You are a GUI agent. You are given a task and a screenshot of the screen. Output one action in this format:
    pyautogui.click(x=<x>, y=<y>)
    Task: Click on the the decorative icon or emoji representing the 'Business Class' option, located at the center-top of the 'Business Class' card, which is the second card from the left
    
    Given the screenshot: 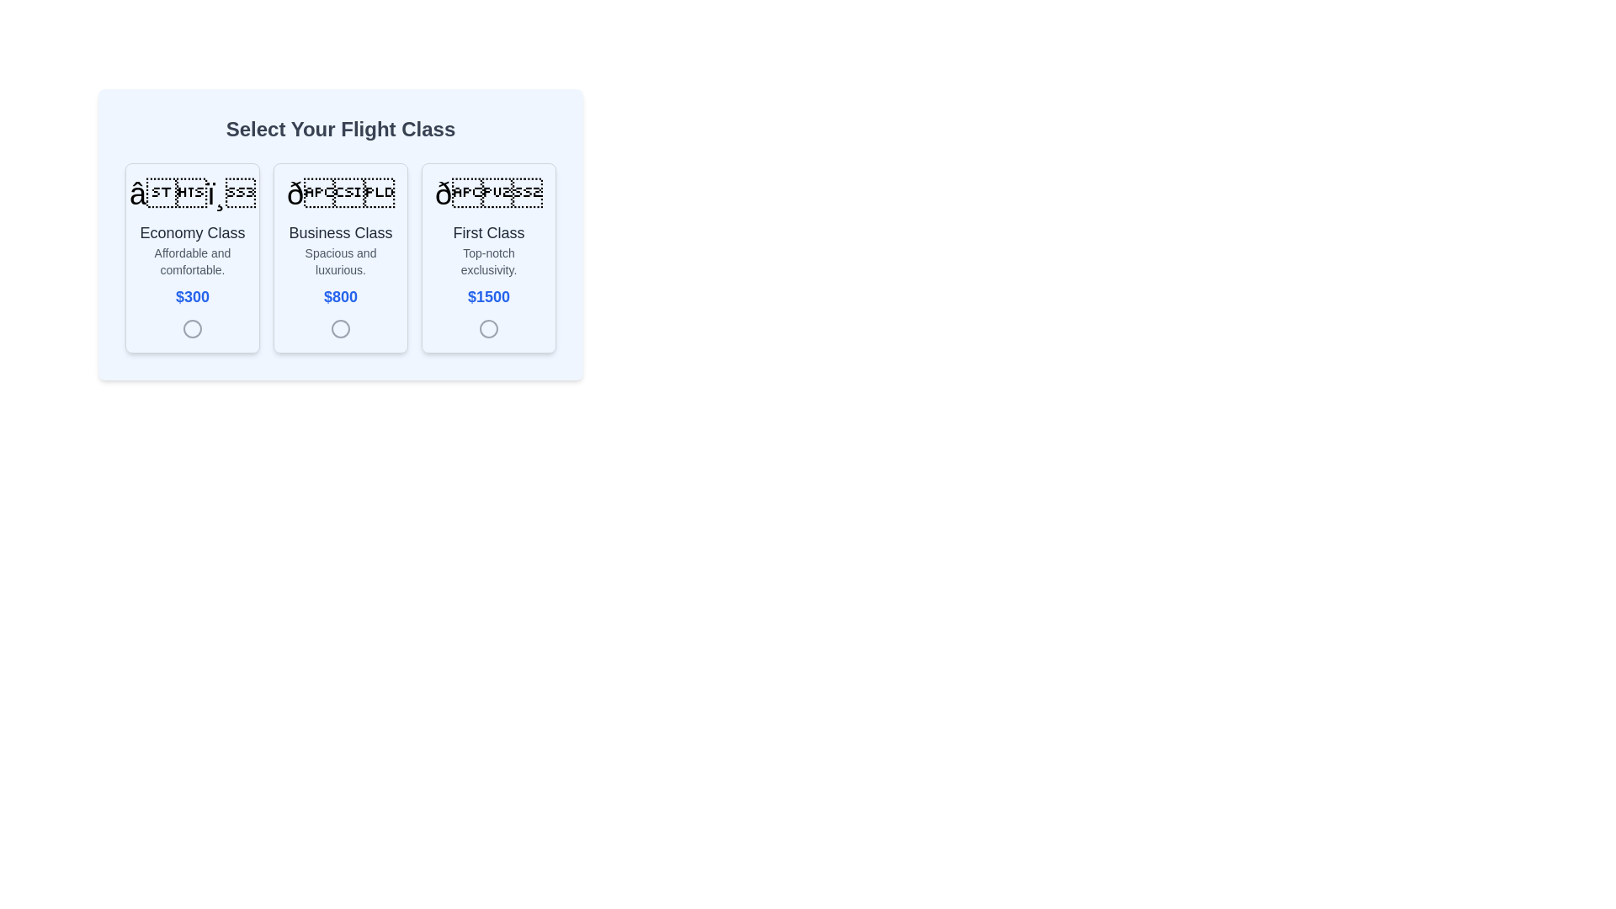 What is the action you would take?
    pyautogui.click(x=339, y=194)
    